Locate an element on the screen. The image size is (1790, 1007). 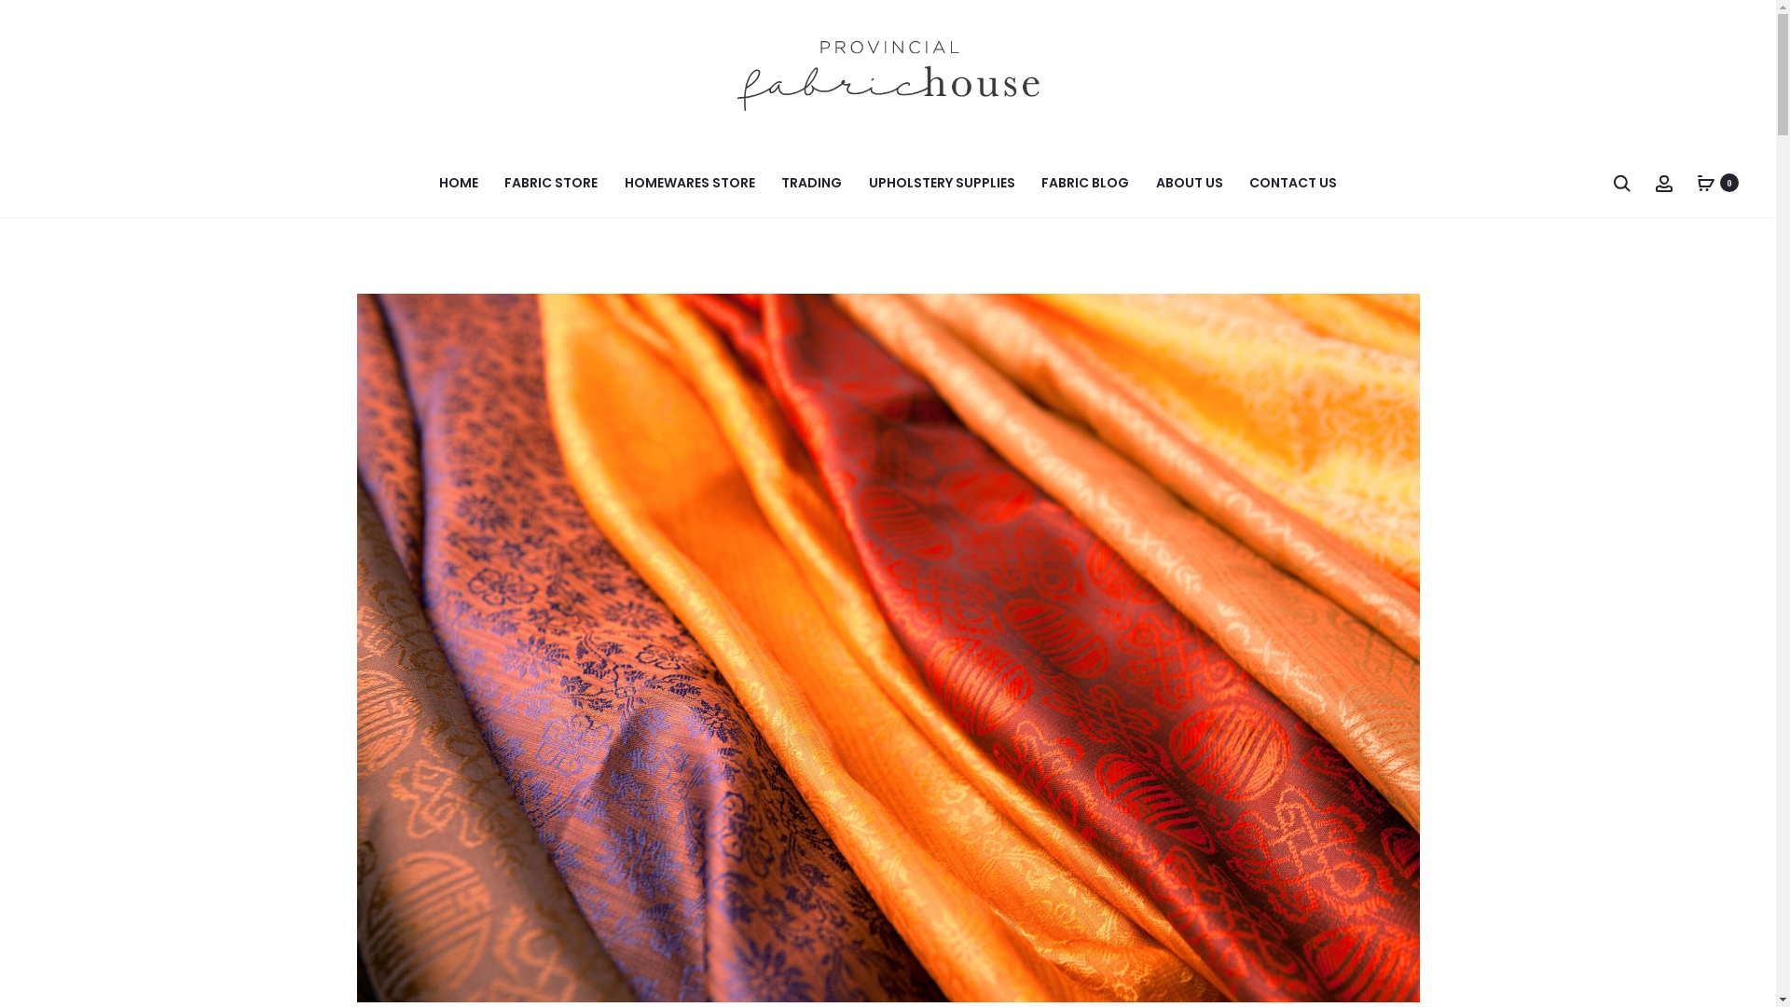
'0' is located at coordinates (1705, 182).